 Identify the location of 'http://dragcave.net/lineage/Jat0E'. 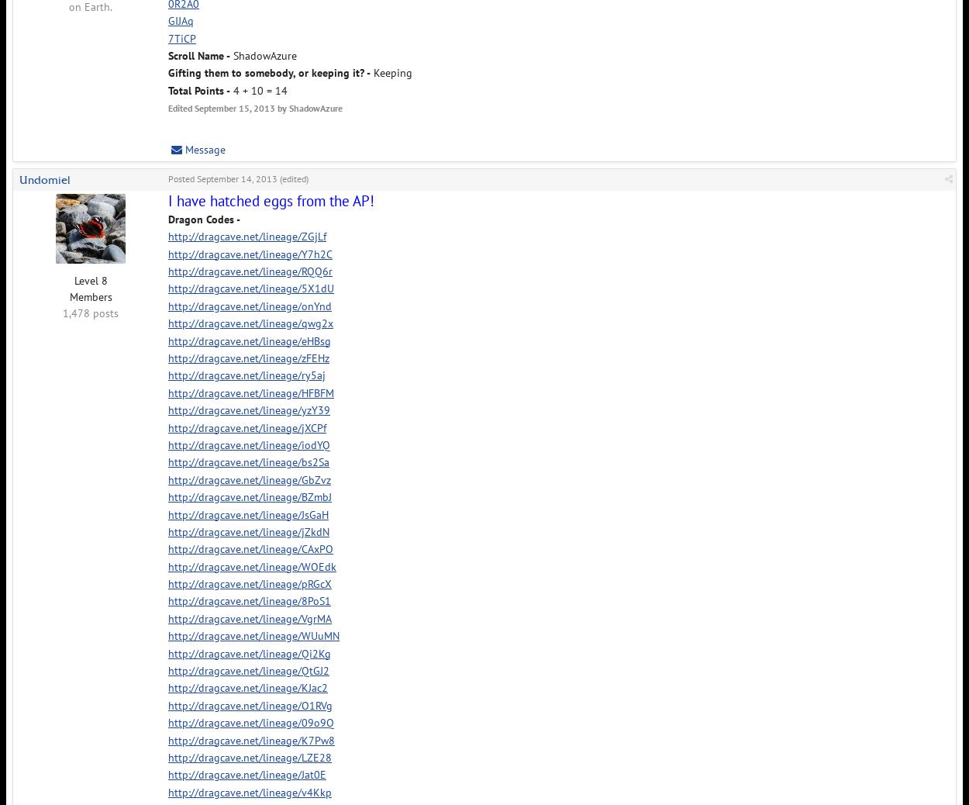
(247, 774).